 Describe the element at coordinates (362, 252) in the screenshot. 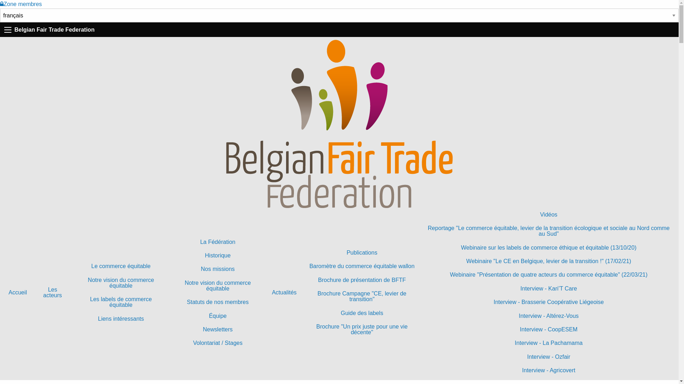

I see `'Publications'` at that location.